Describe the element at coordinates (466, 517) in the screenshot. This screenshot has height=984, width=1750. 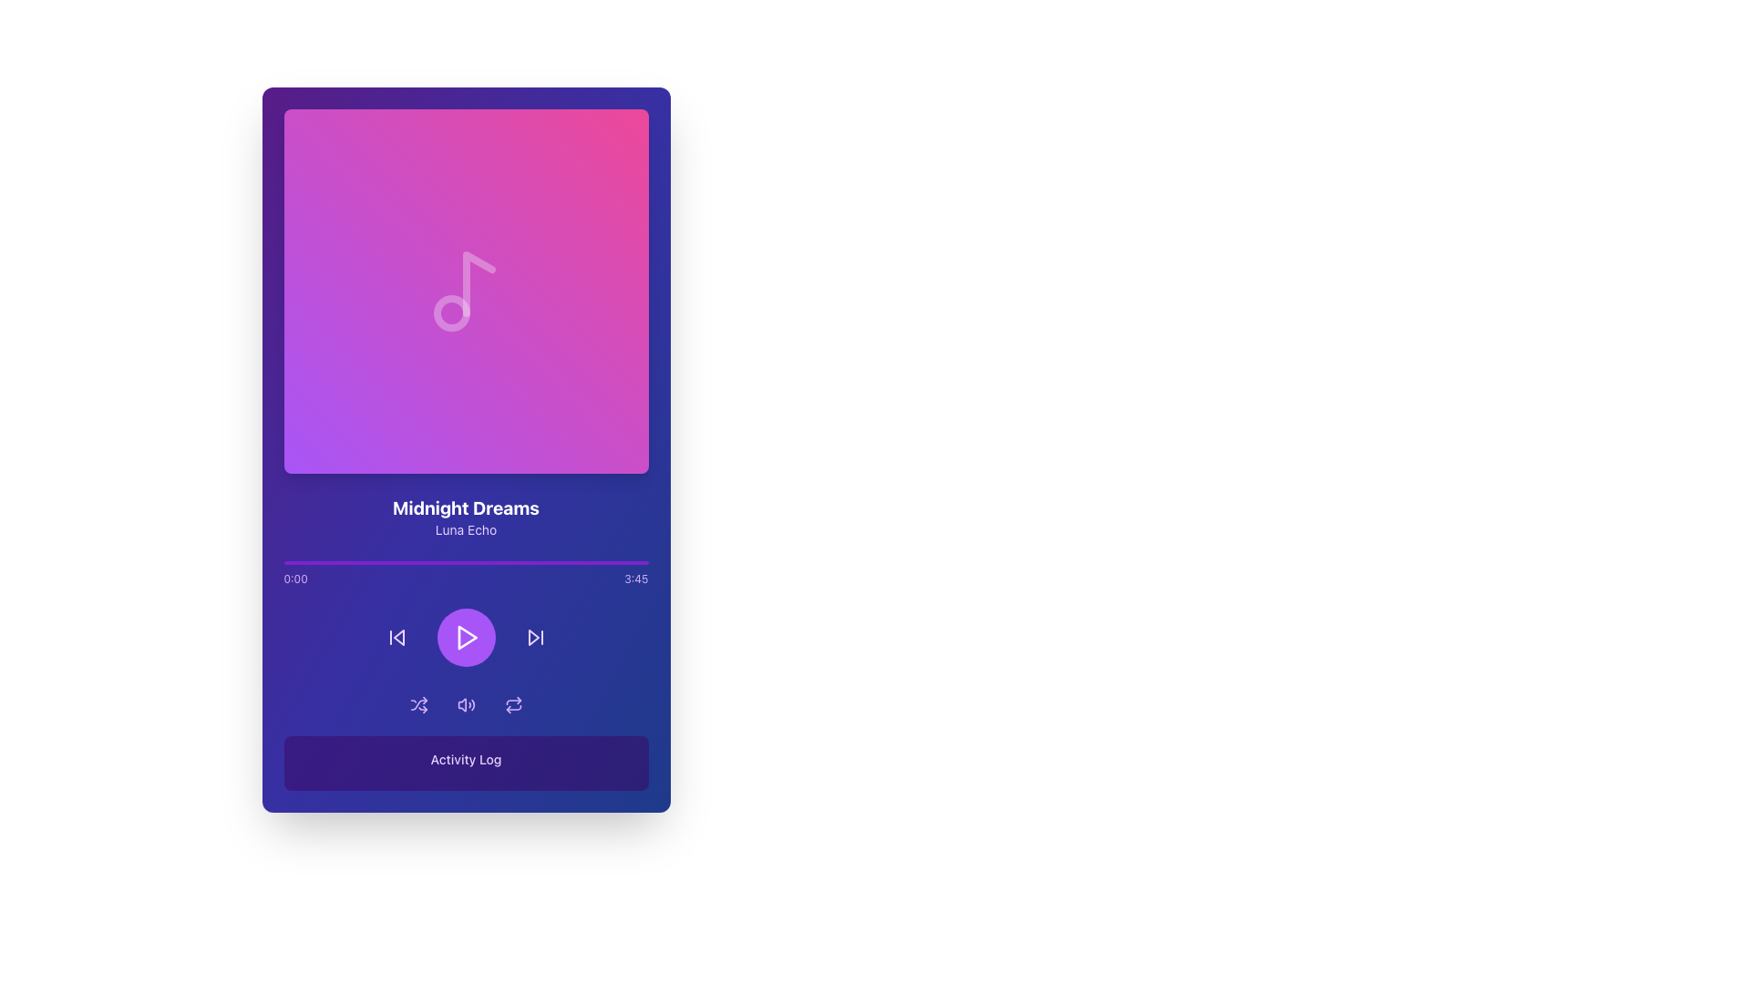
I see `the text block displaying the song title 'Midnight Dreams' by artist 'Luna Echo', which is located in the center of the card-like section` at that location.